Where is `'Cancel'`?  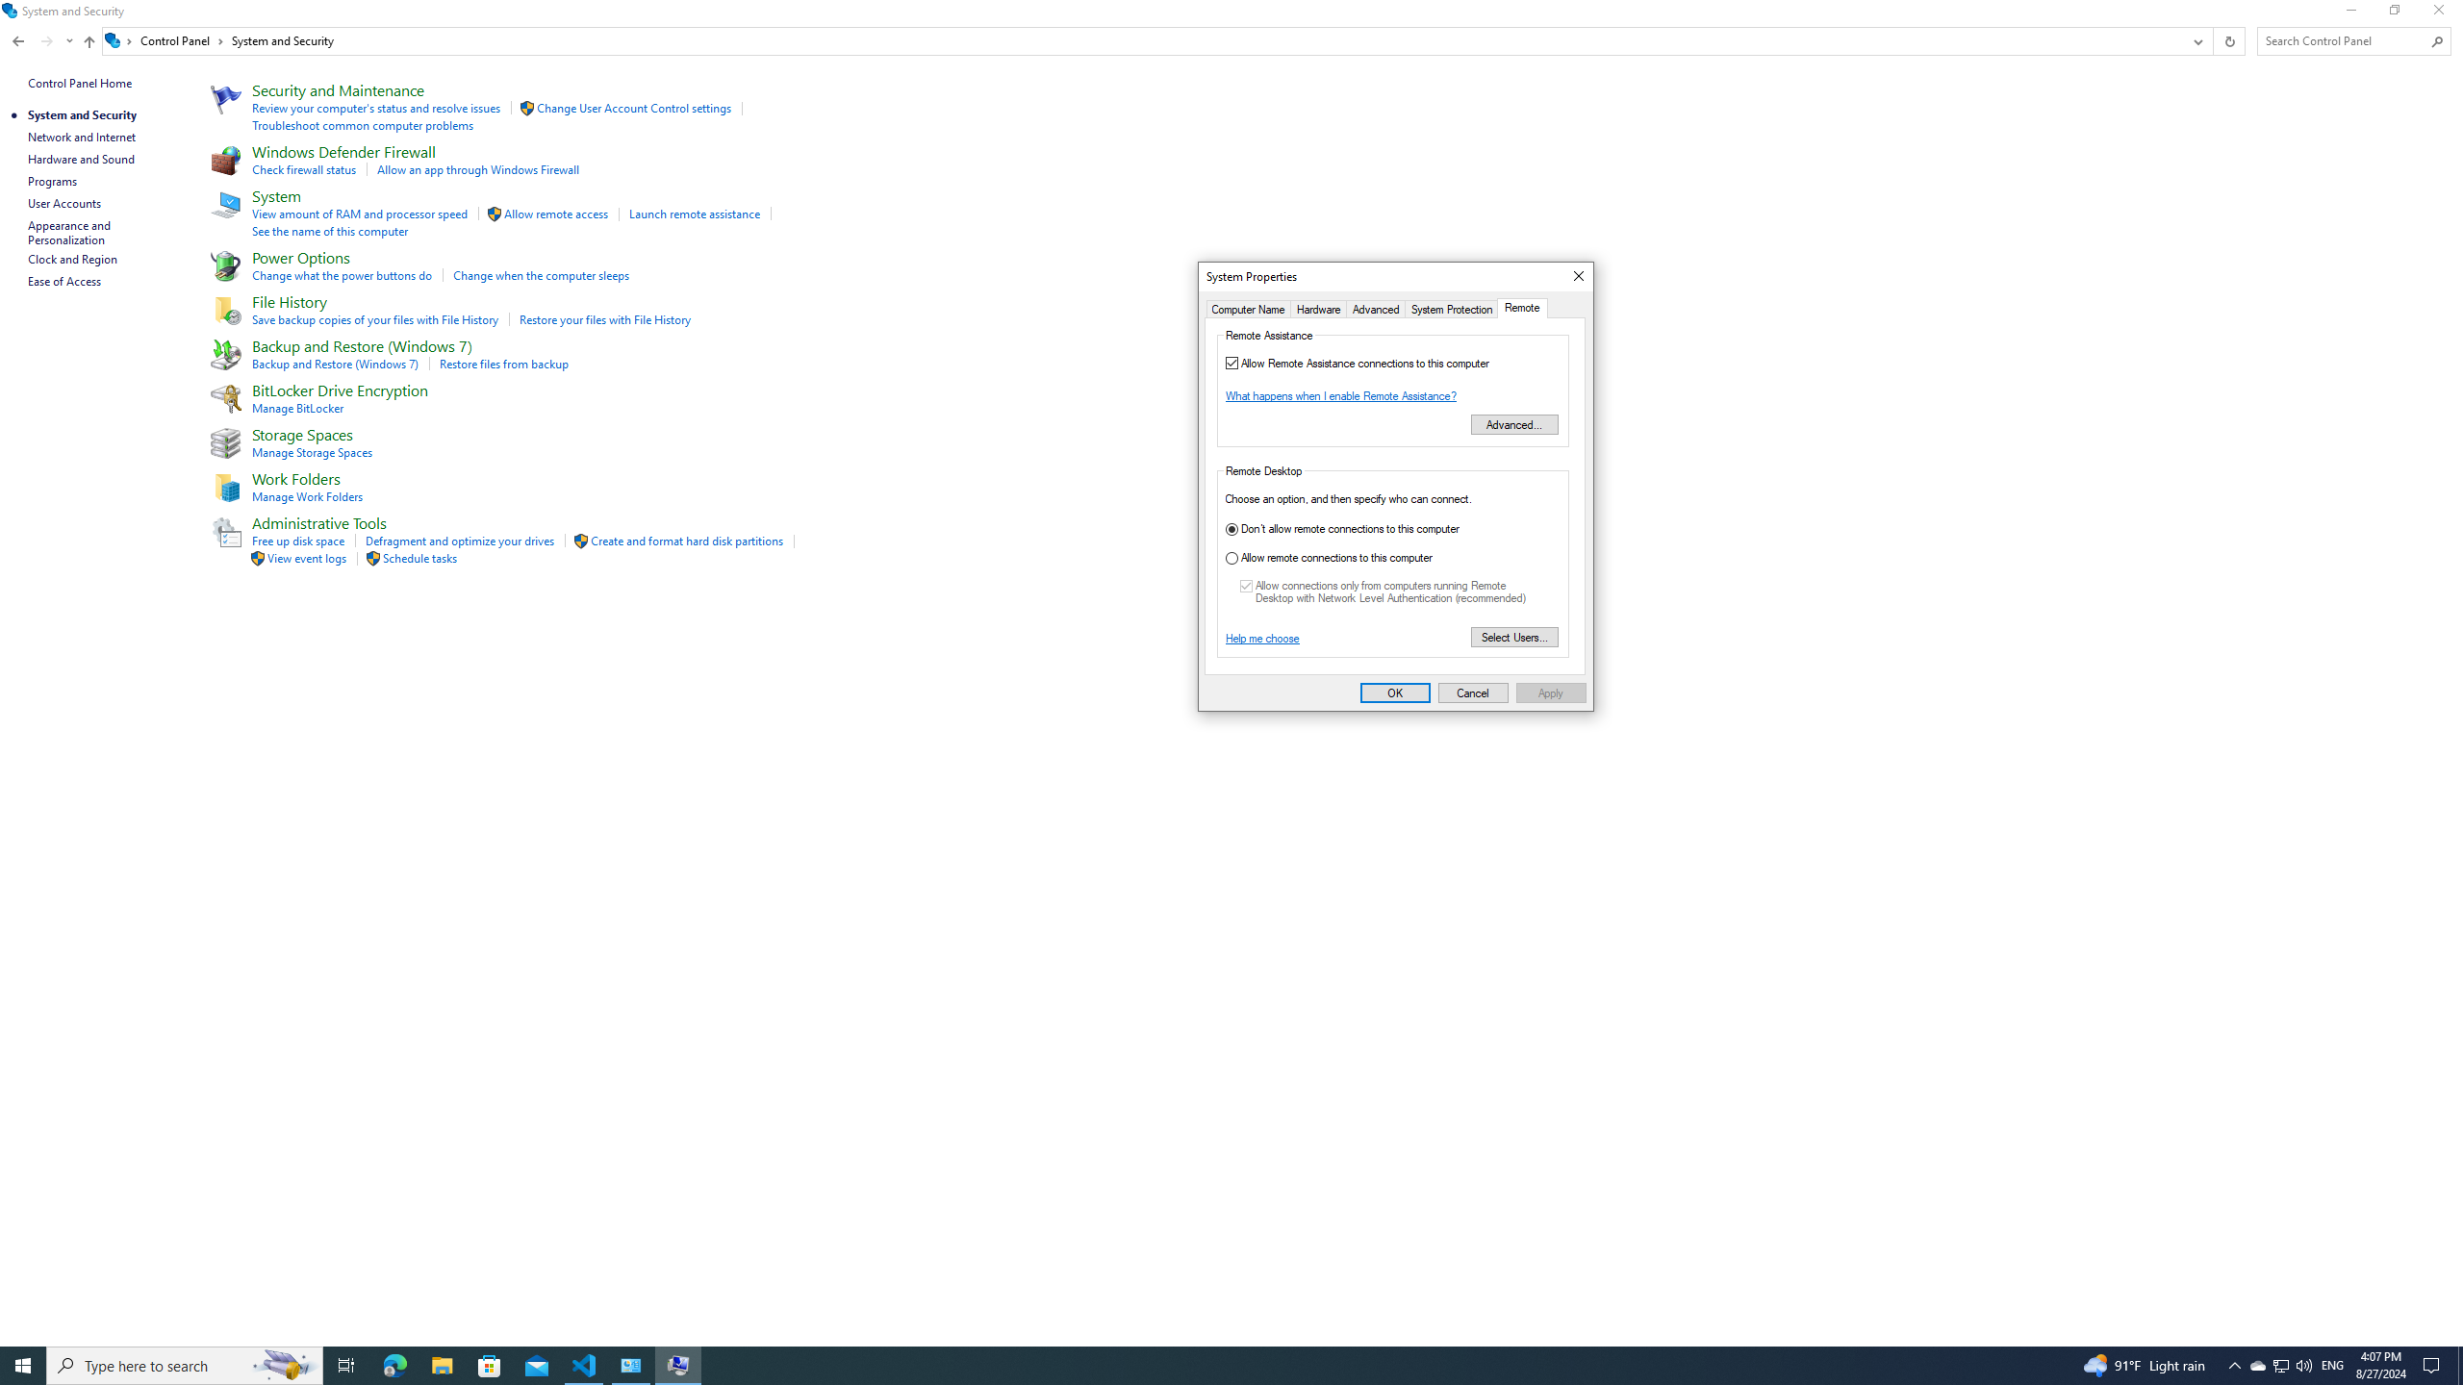
'Cancel' is located at coordinates (1474, 692).